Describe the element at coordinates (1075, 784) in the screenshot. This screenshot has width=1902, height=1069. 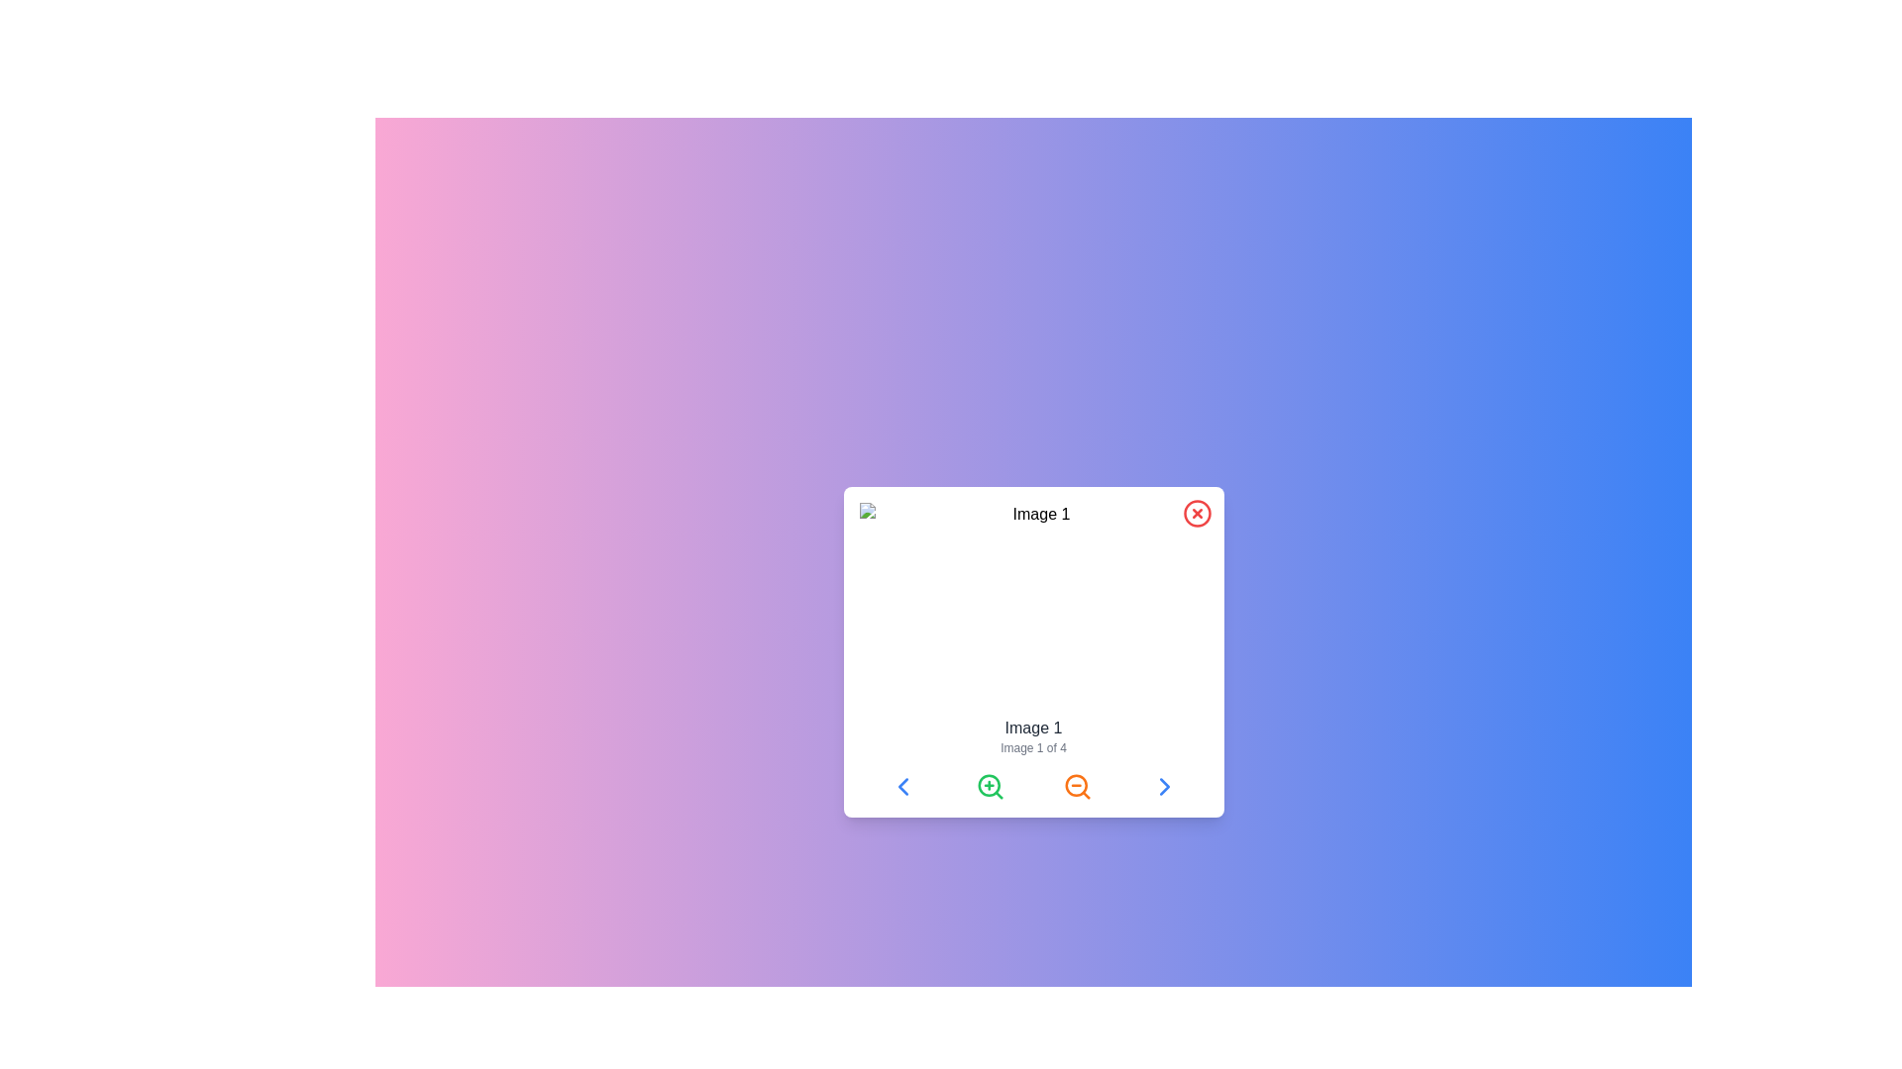
I see `the SVG circle graphic component that represents the lens outline of the zoom-out icon in the modal window interface` at that location.